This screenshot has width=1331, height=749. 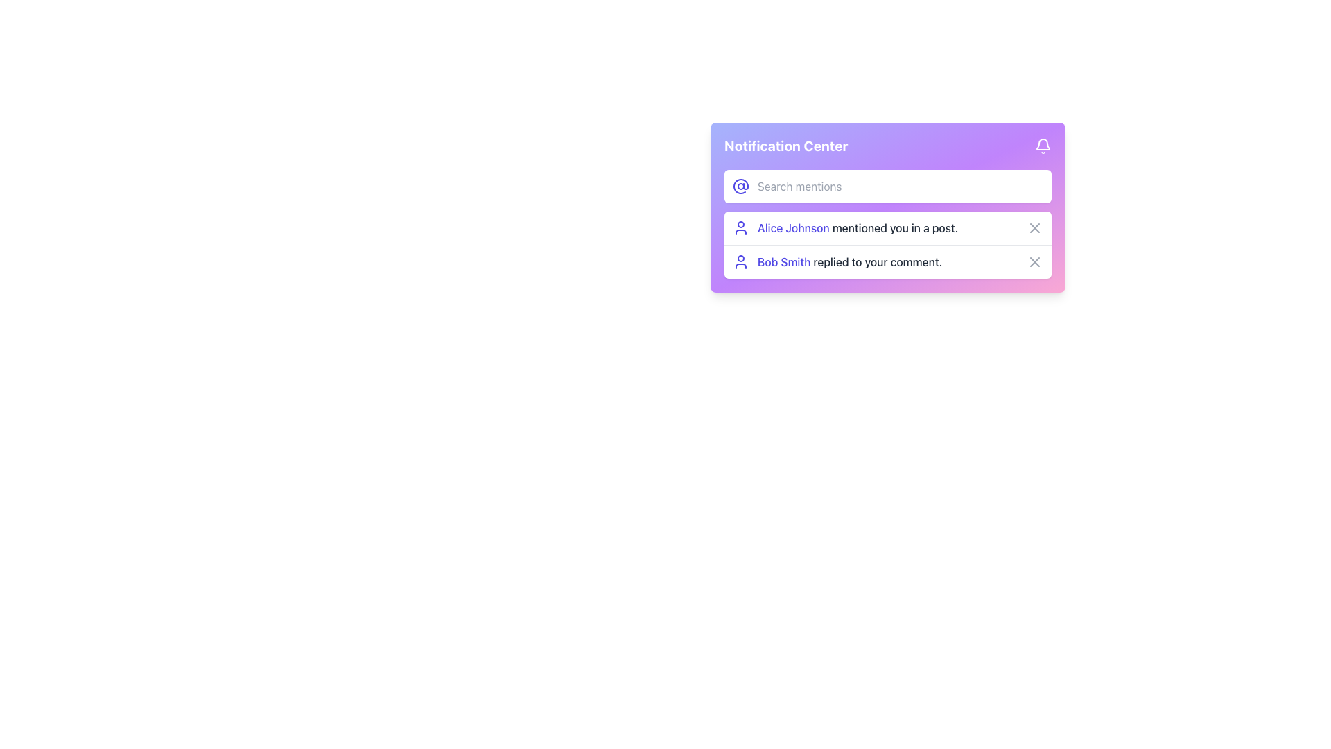 I want to click on the notification entry featuring the text 'Alice Johnson mentioned you in a post.', so click(x=888, y=227).